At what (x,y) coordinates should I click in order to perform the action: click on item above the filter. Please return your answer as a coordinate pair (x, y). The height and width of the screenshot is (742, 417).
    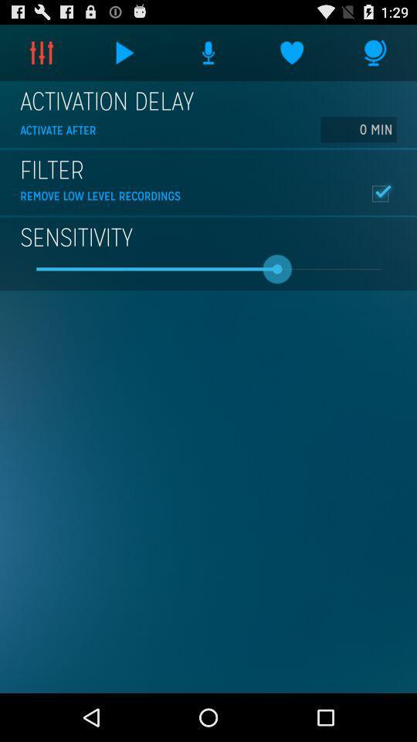
    Looking at the image, I should click on (358, 128).